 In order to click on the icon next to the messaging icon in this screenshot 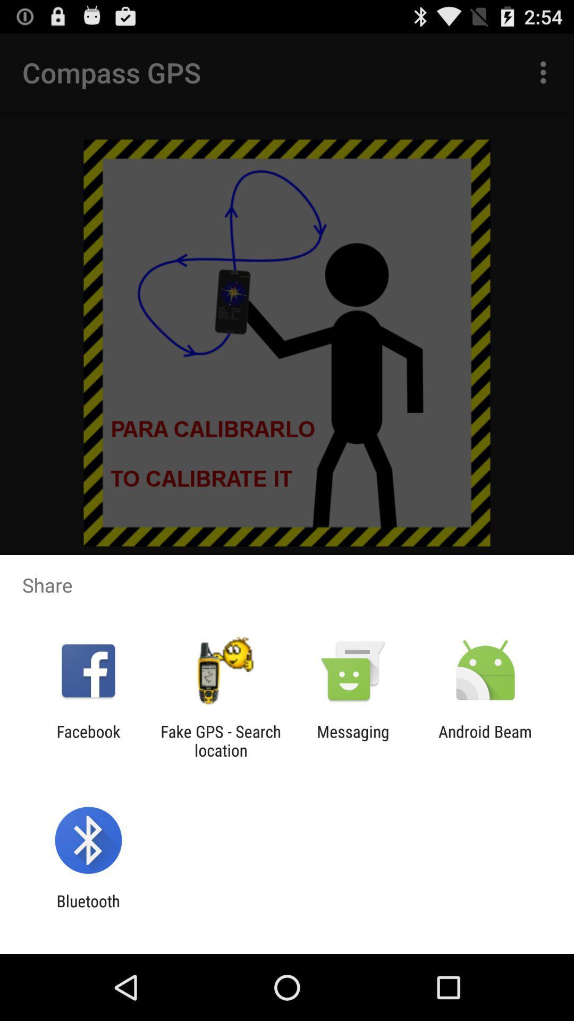, I will do `click(485, 740)`.